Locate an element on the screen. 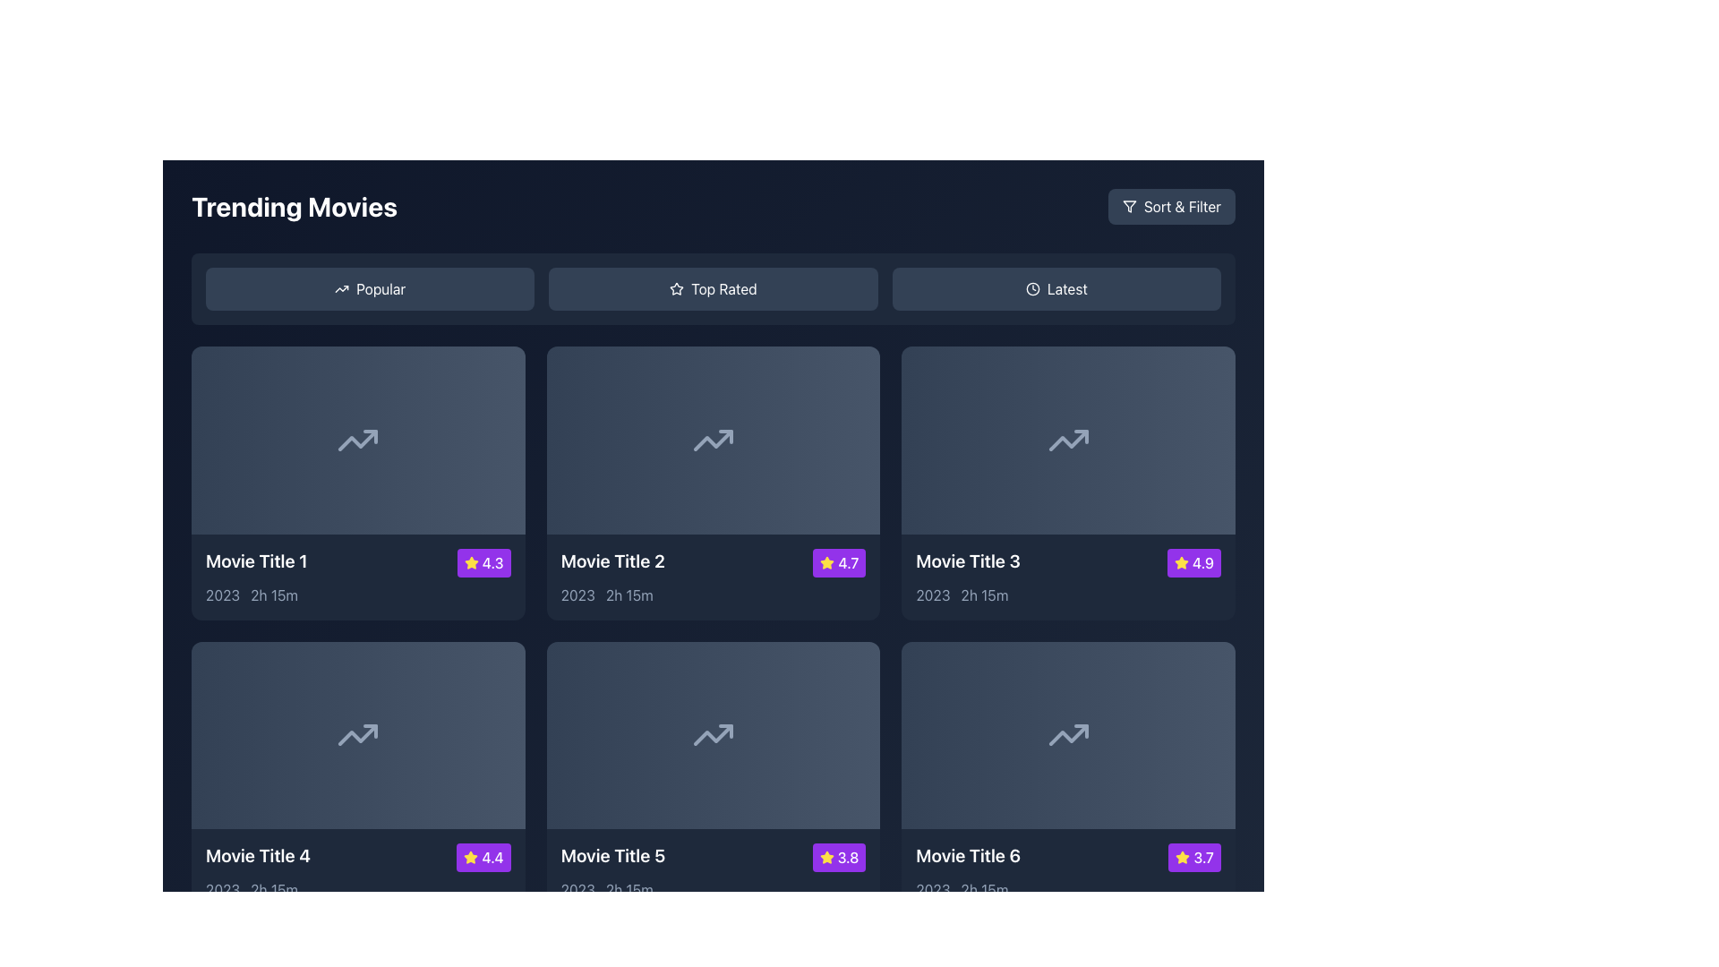 This screenshot has height=967, width=1719. the arrowhead segment of the 'Trending Up' icon located in the sixth card of the 'Trending Movies' section is located at coordinates (1080, 732).